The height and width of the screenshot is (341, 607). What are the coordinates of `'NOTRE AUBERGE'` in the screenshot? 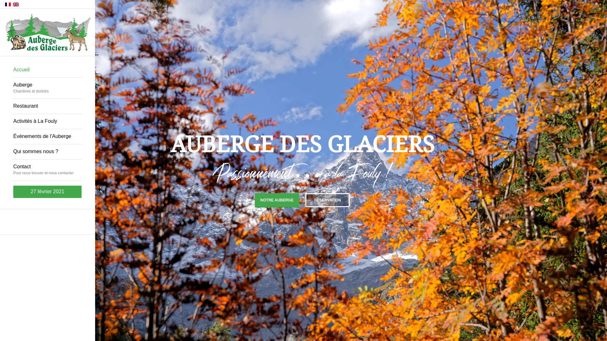 It's located at (255, 200).